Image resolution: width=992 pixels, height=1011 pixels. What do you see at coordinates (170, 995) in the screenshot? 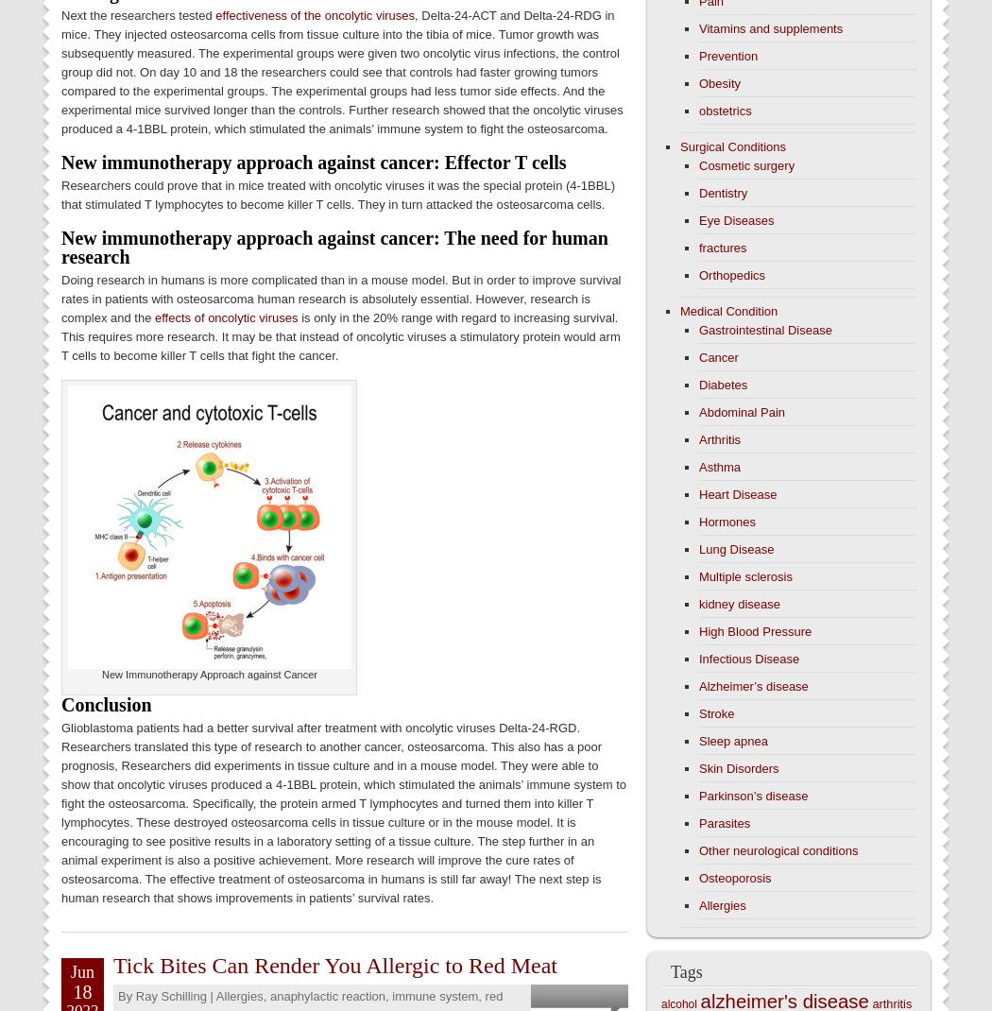
I see `'Ray Schilling'` at bounding box center [170, 995].